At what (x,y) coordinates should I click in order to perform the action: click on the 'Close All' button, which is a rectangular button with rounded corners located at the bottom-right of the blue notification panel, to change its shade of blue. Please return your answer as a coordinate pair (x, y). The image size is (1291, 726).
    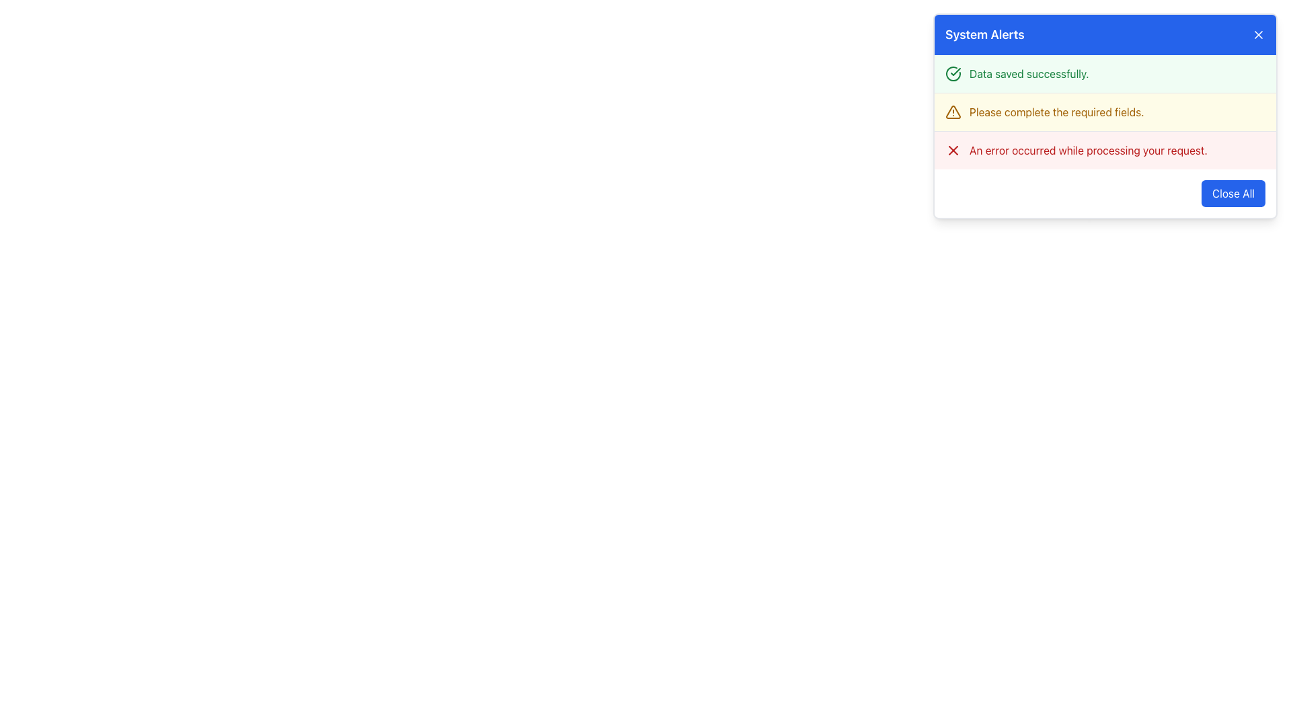
    Looking at the image, I should click on (1233, 194).